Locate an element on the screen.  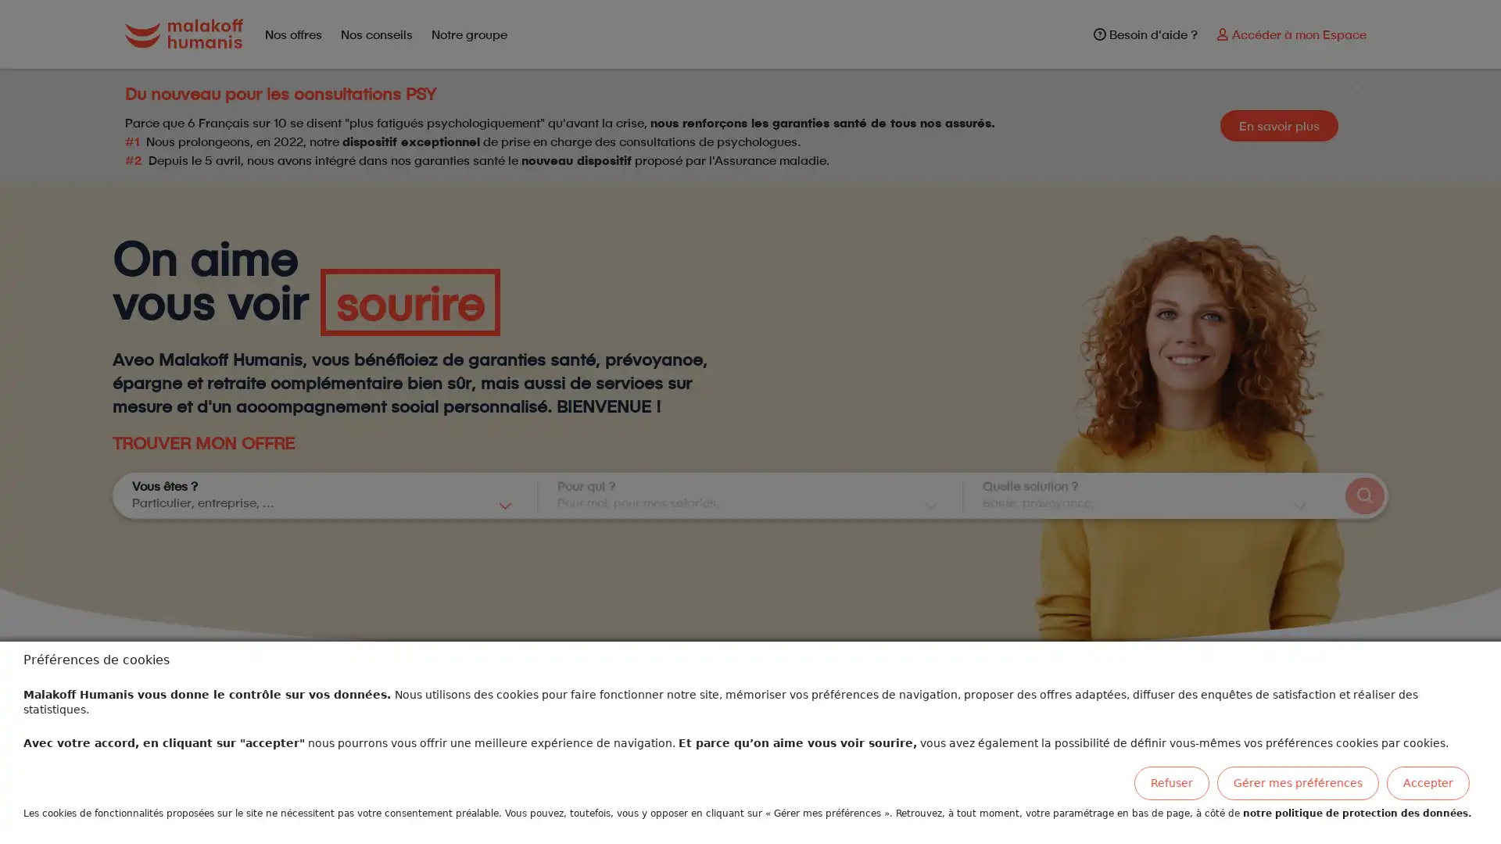
Gerer mes preferences is located at coordinates (1298, 783).